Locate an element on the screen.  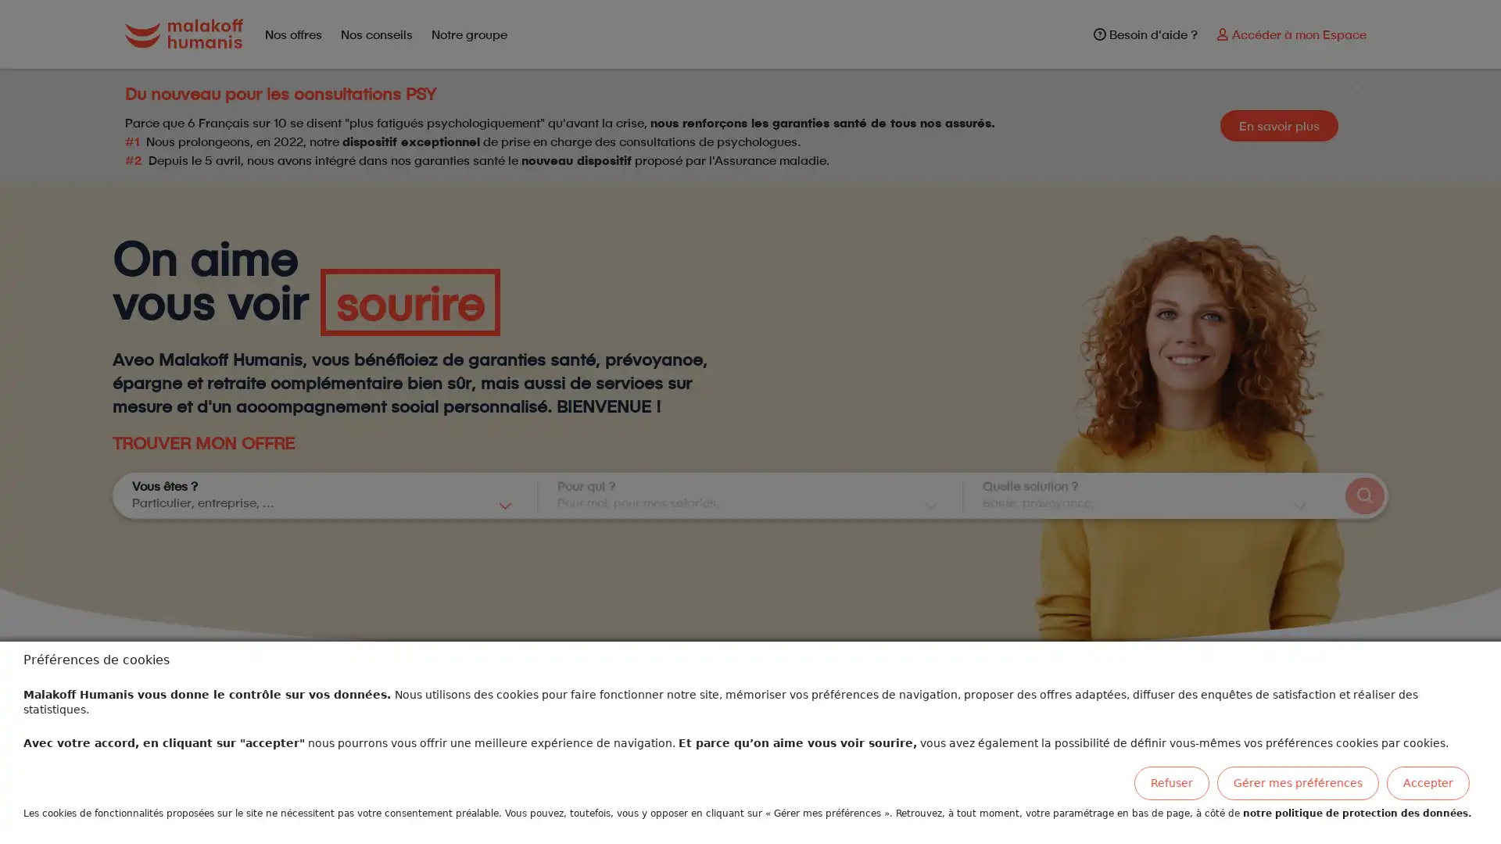
Gerer mes preferences is located at coordinates (1298, 783).